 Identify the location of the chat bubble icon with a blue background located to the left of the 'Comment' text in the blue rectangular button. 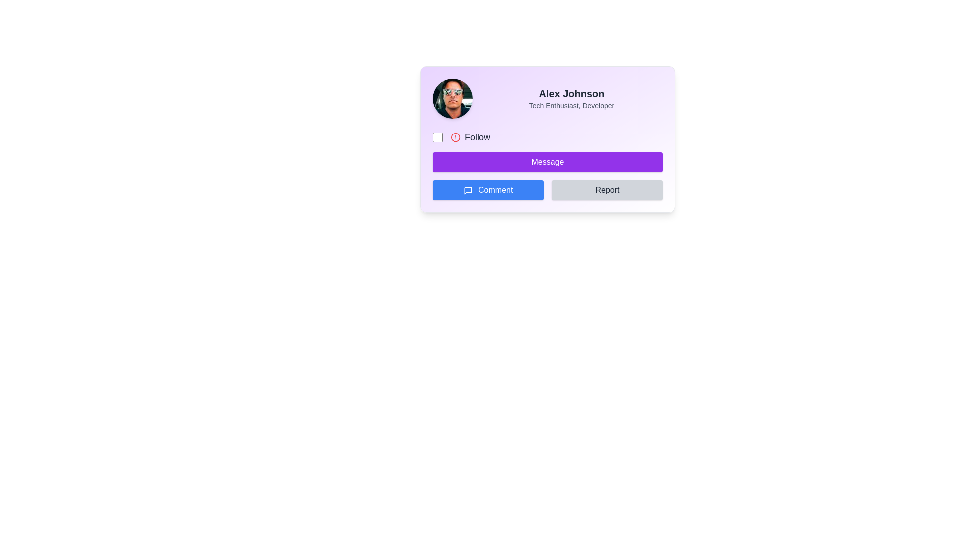
(467, 190).